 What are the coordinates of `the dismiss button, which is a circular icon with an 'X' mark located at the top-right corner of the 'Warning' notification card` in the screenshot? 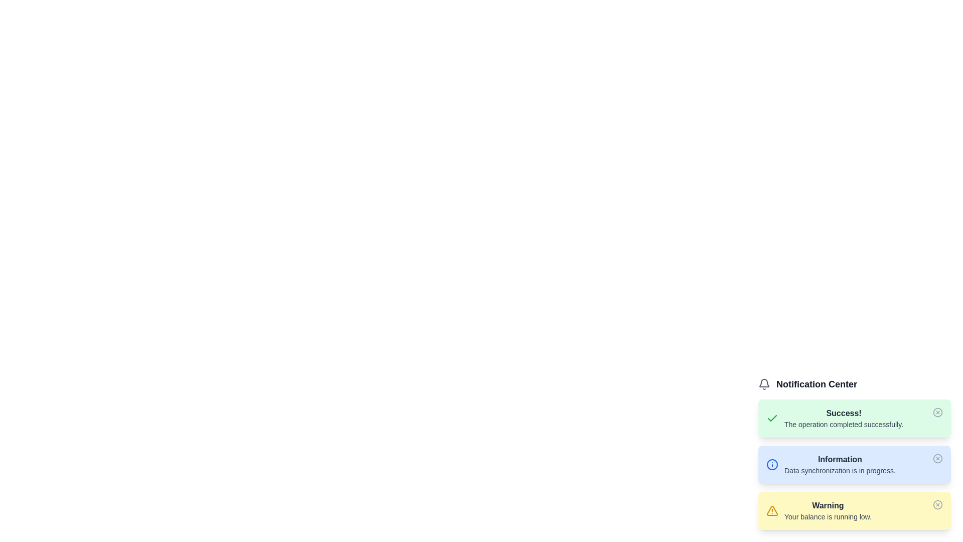 It's located at (937, 505).